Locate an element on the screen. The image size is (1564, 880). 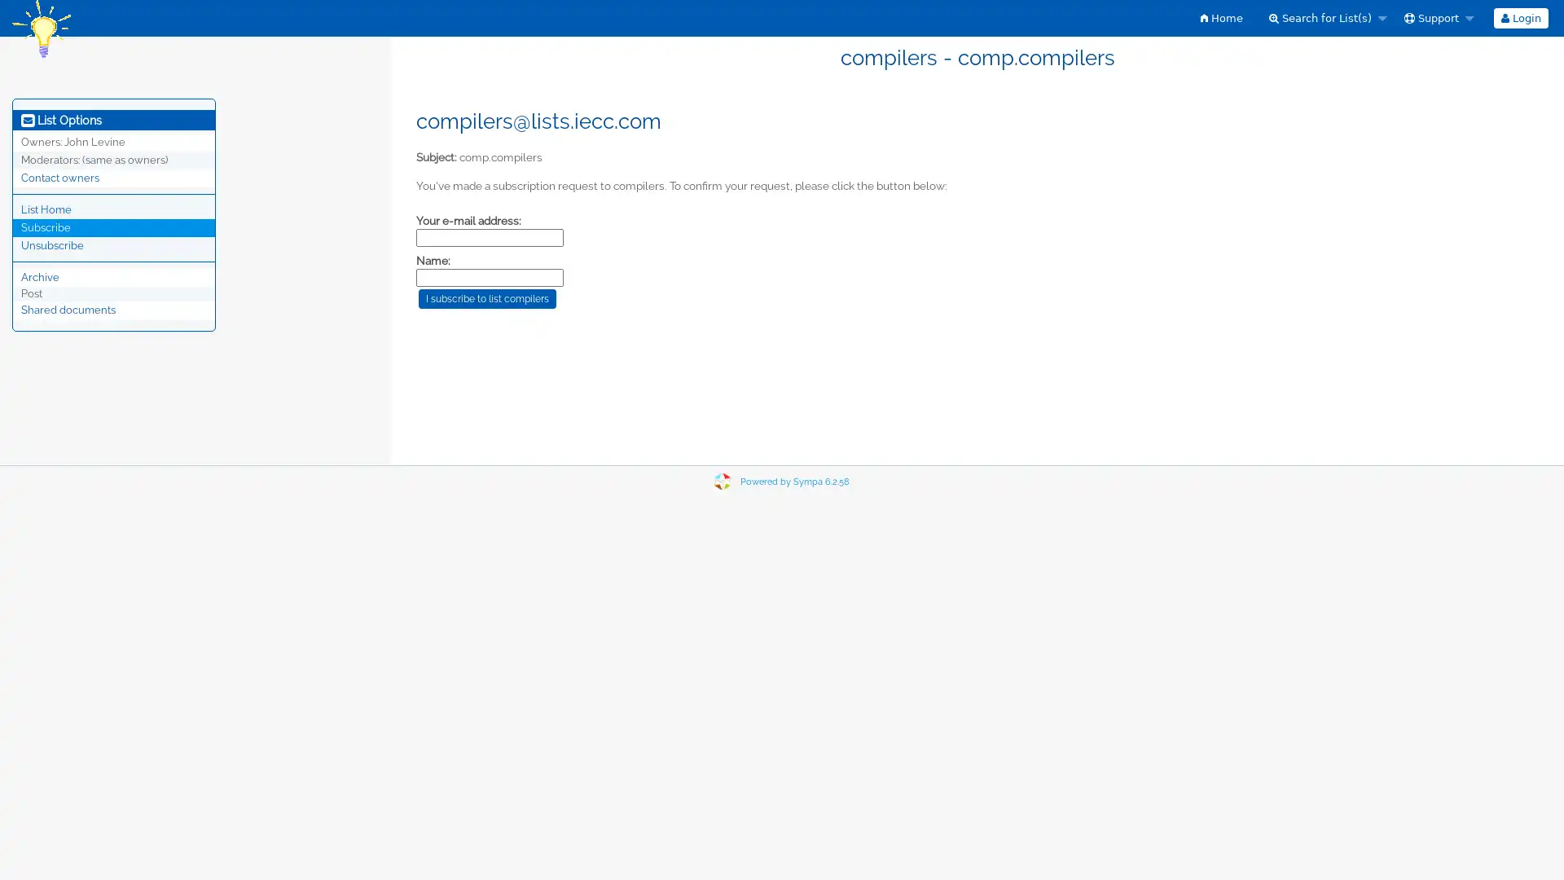
Login is located at coordinates (1519, 18).